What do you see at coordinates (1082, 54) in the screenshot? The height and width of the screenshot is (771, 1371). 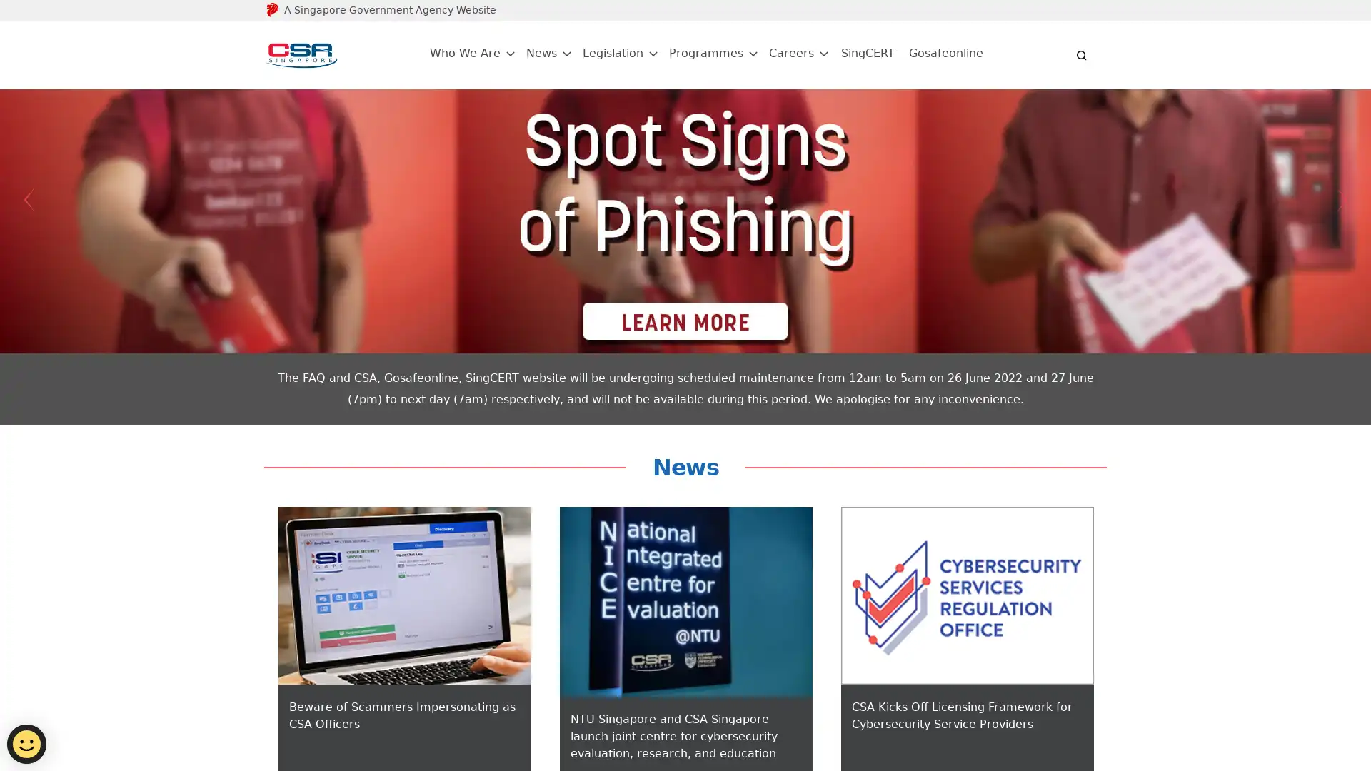 I see `search` at bounding box center [1082, 54].